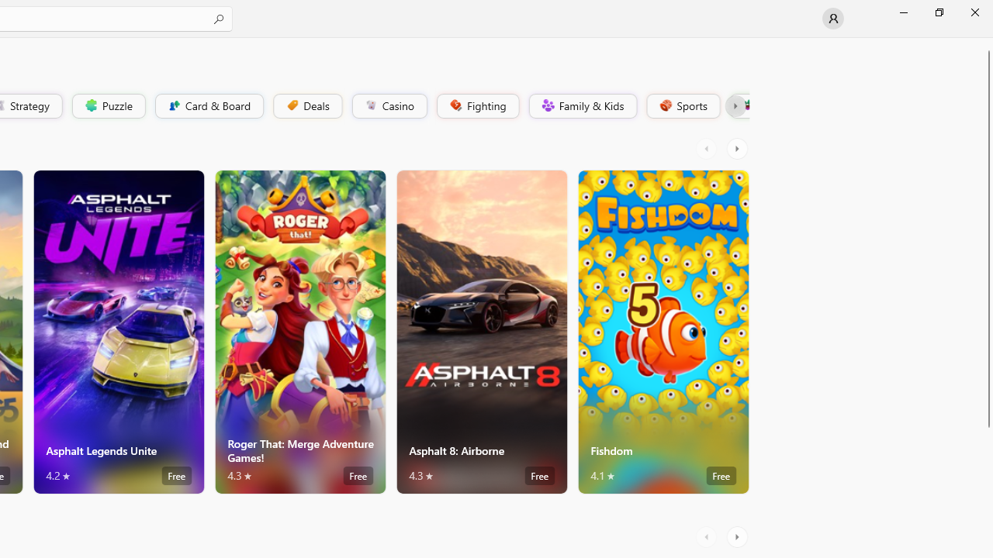  I want to click on 'Puzzle', so click(107, 105).